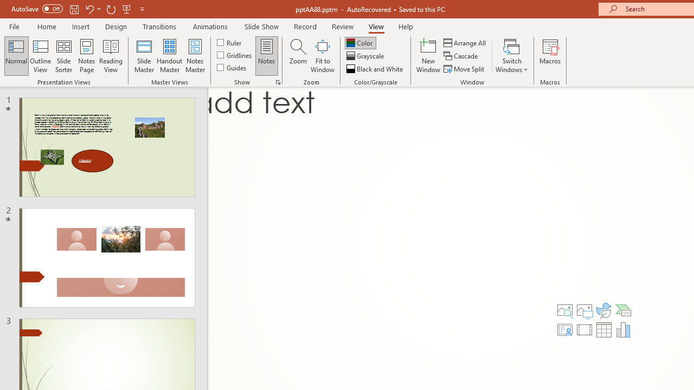 Image resolution: width=694 pixels, height=390 pixels. I want to click on 'Insert Chart', so click(624, 329).